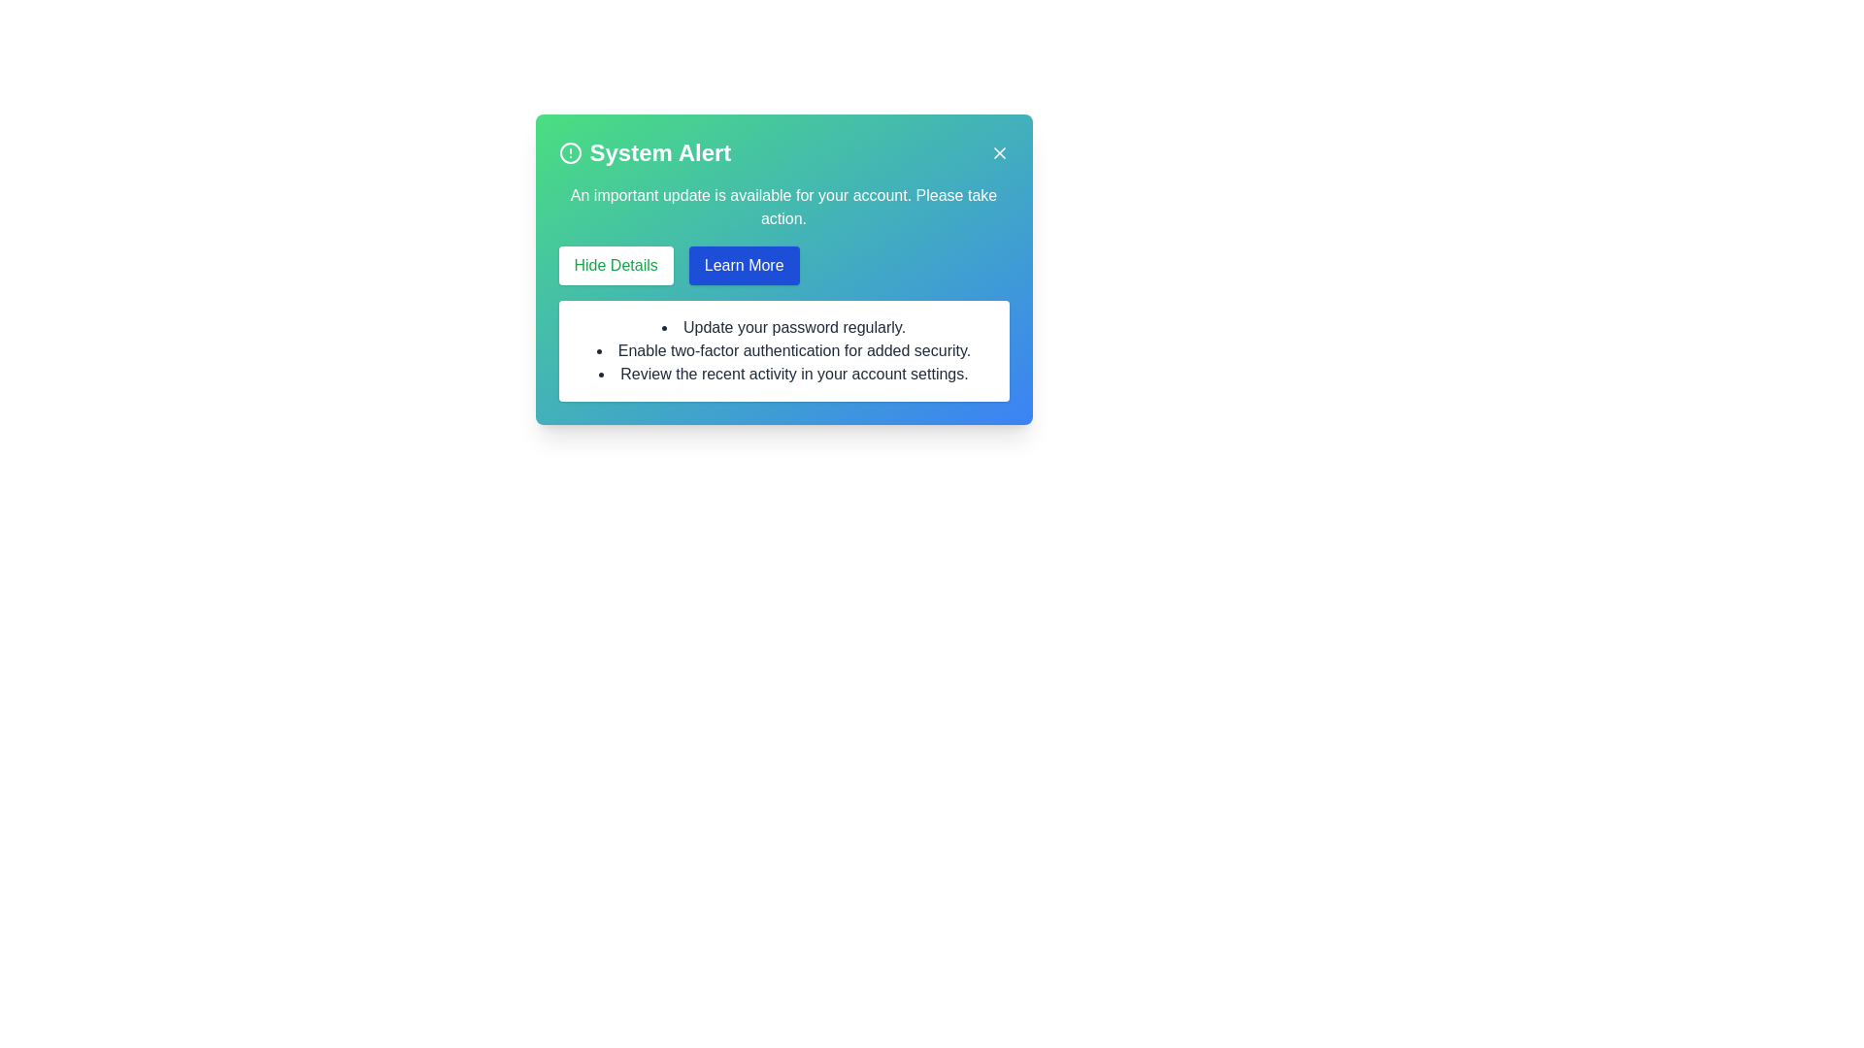 The width and height of the screenshot is (1864, 1048). I want to click on the informational text content that instructs users to check their account settings for recent activity, located in the third position of the ordered list within the 'System Alert' notification pop-up window, so click(783, 374).